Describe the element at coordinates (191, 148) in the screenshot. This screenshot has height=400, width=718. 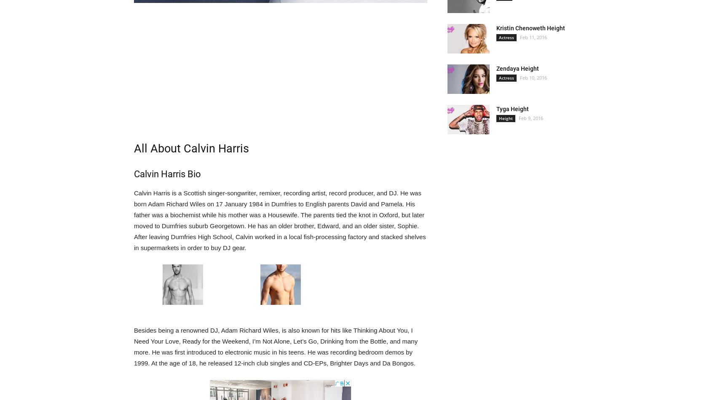
I see `'All About Calvin Harris'` at that location.